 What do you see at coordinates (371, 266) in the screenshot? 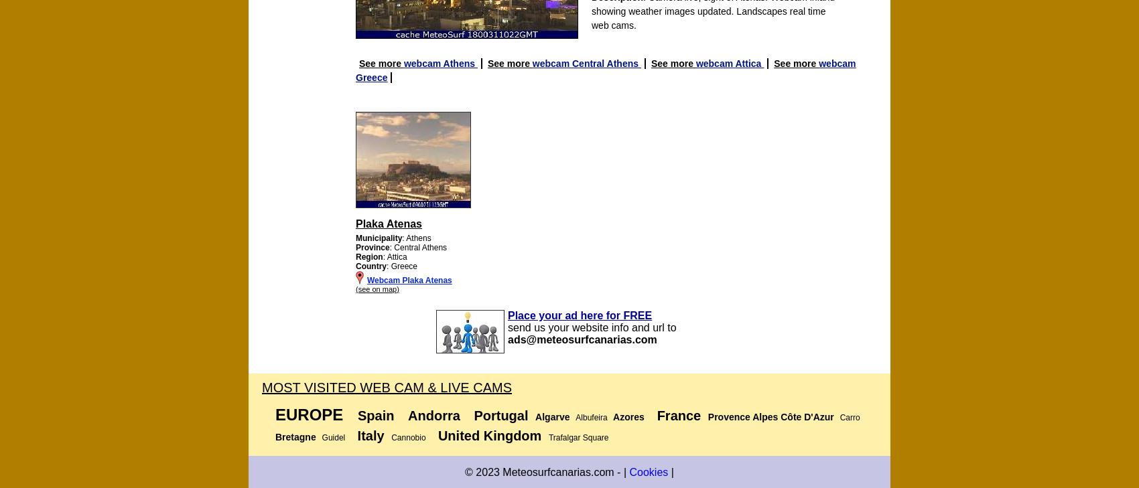
I see `'Country'` at bounding box center [371, 266].